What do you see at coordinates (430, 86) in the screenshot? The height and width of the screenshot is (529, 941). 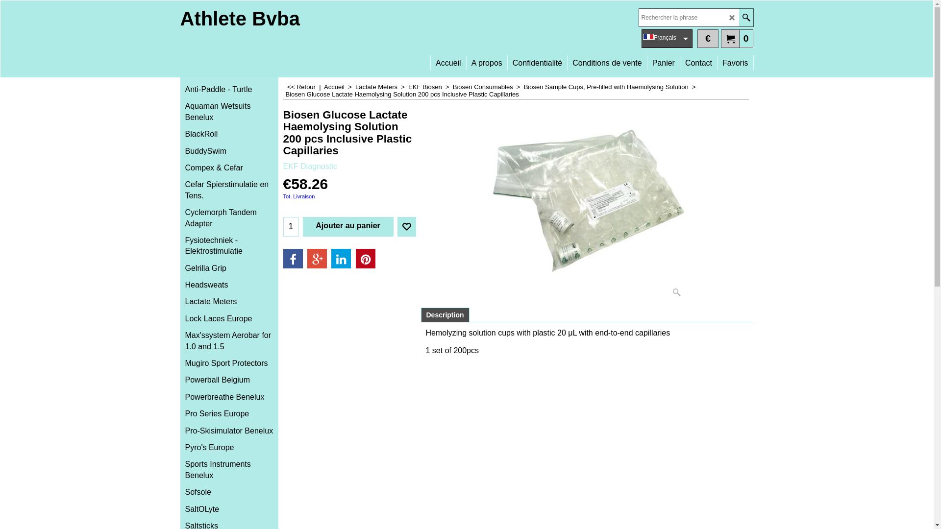 I see `'EKF Biosen  > '` at bounding box center [430, 86].